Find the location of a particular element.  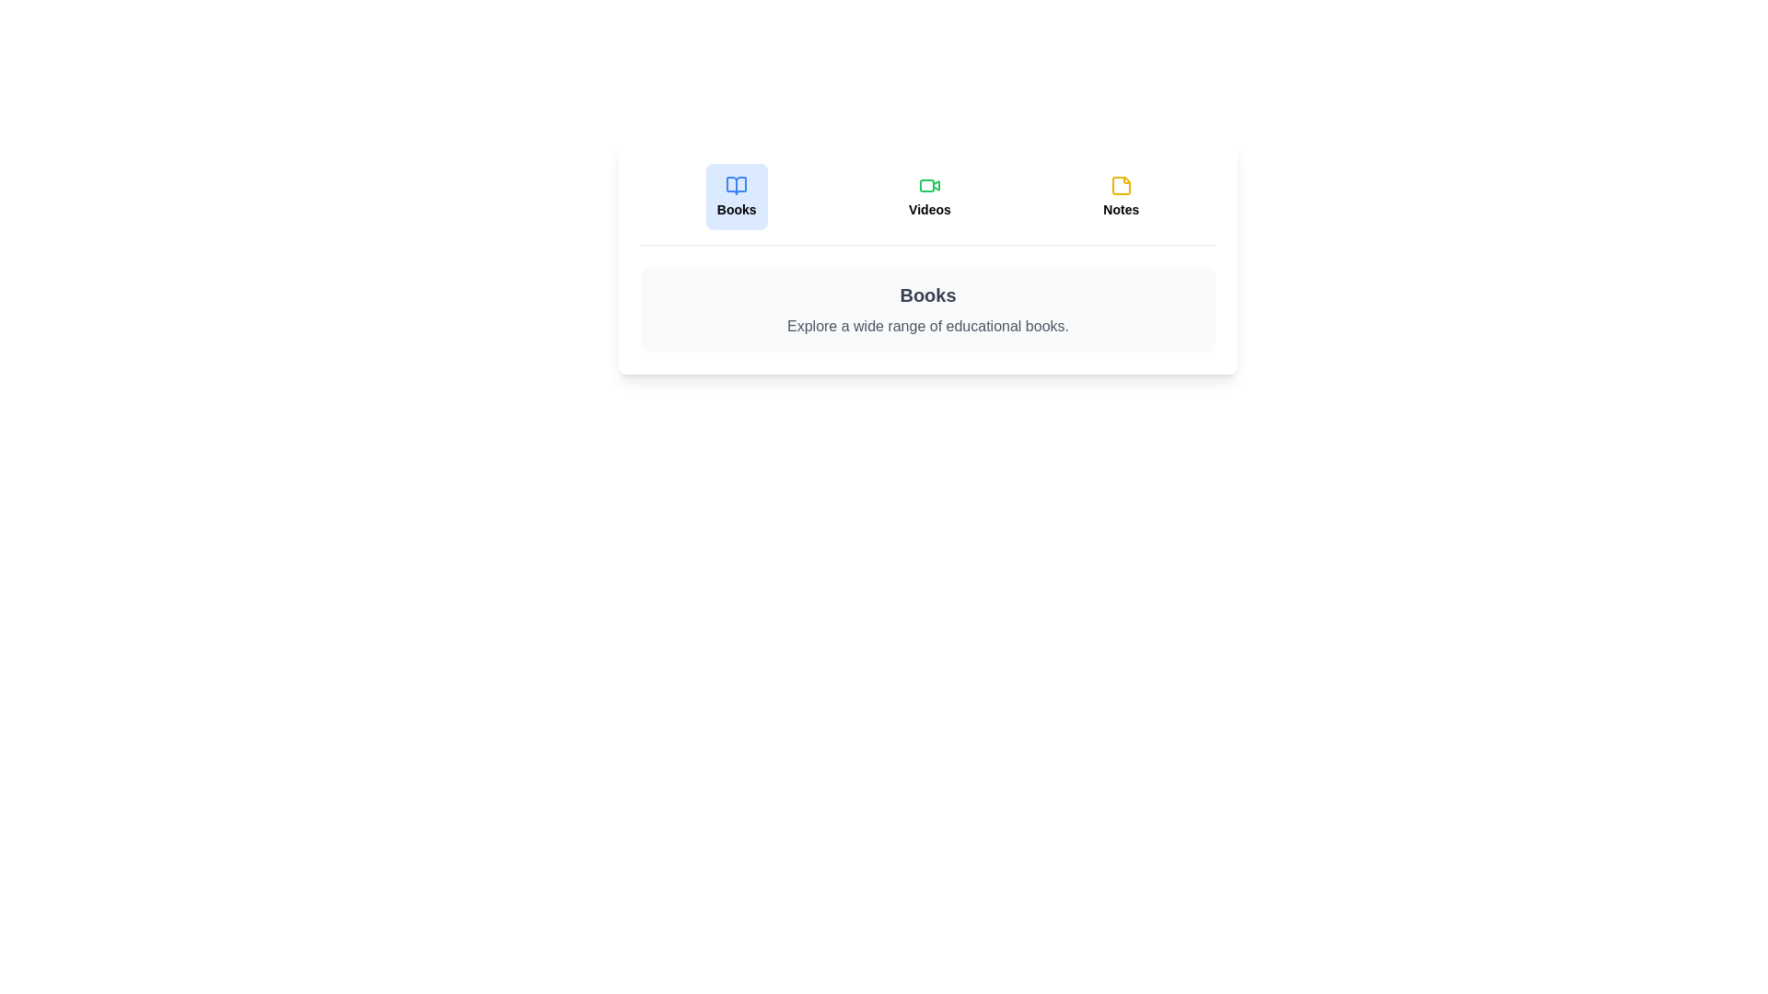

the tab labeled 'Videos' to observe its hover effect is located at coordinates (929, 196).